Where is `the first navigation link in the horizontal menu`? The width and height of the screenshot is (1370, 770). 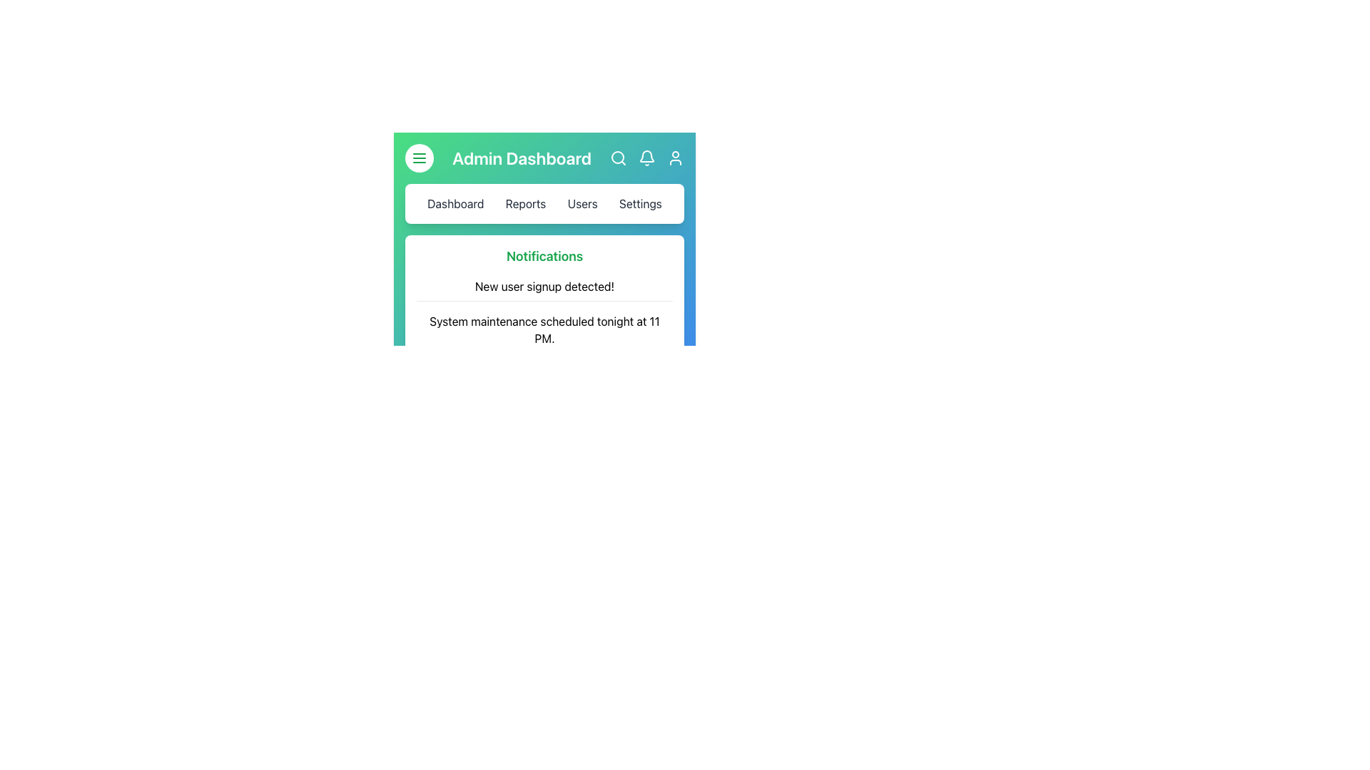 the first navigation link in the horizontal menu is located at coordinates (455, 203).